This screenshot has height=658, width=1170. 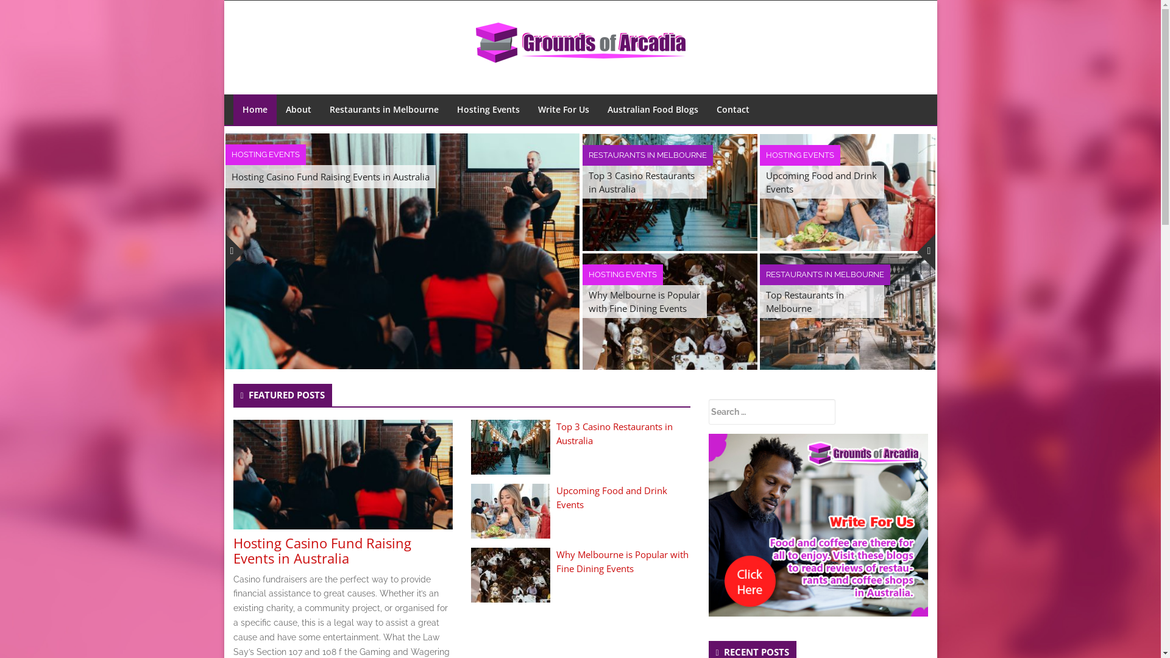 I want to click on 'Contact', so click(x=731, y=110).